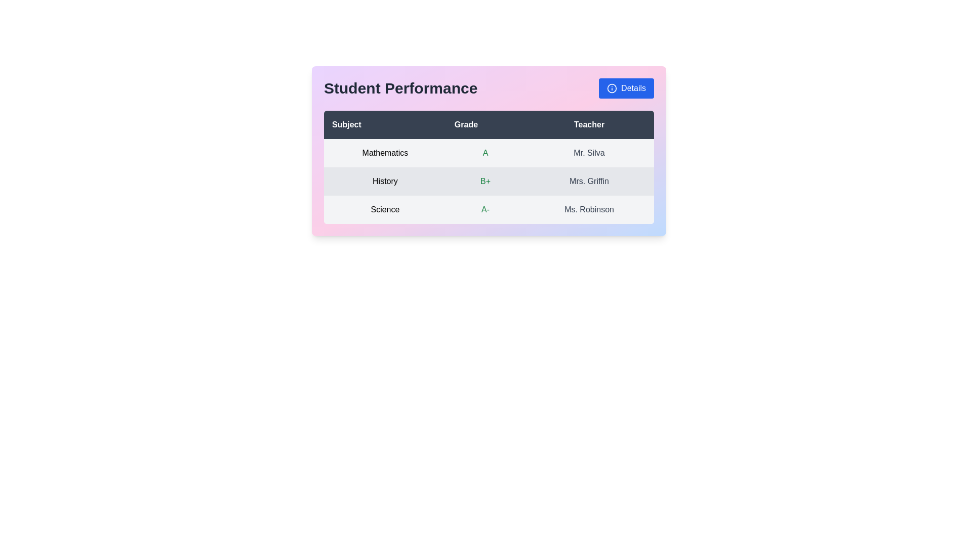  Describe the element at coordinates (489, 153) in the screenshot. I see `the first row of the tabular structure titled 'Student Performance'` at that location.